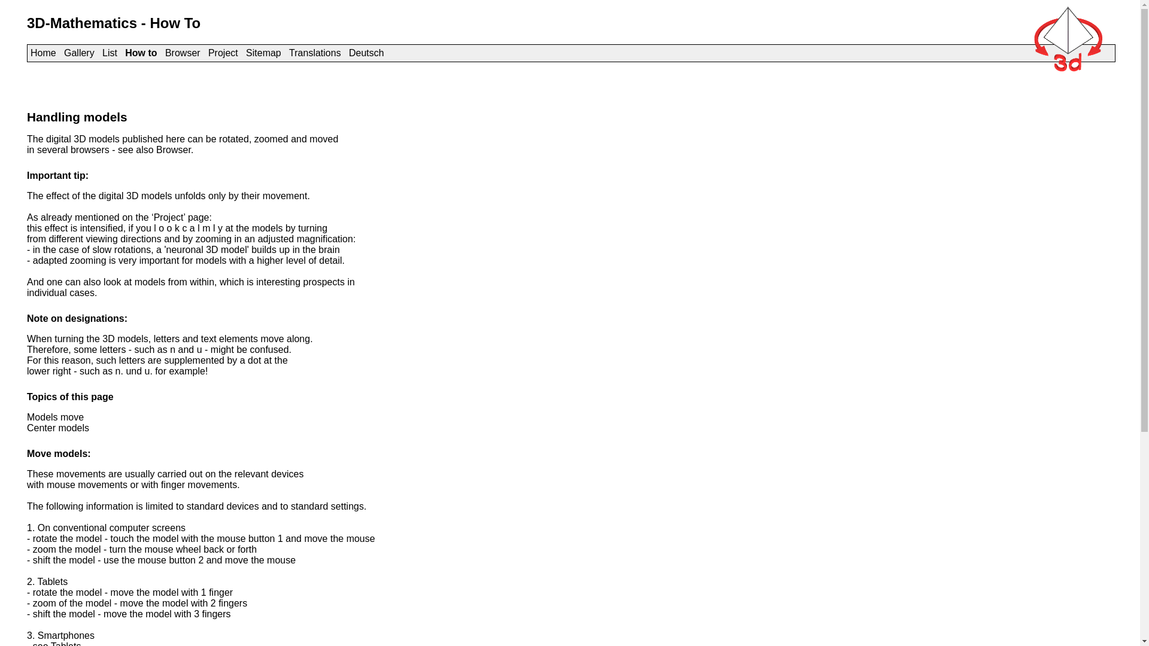 The height and width of the screenshot is (646, 1149). I want to click on 'List', so click(110, 52).